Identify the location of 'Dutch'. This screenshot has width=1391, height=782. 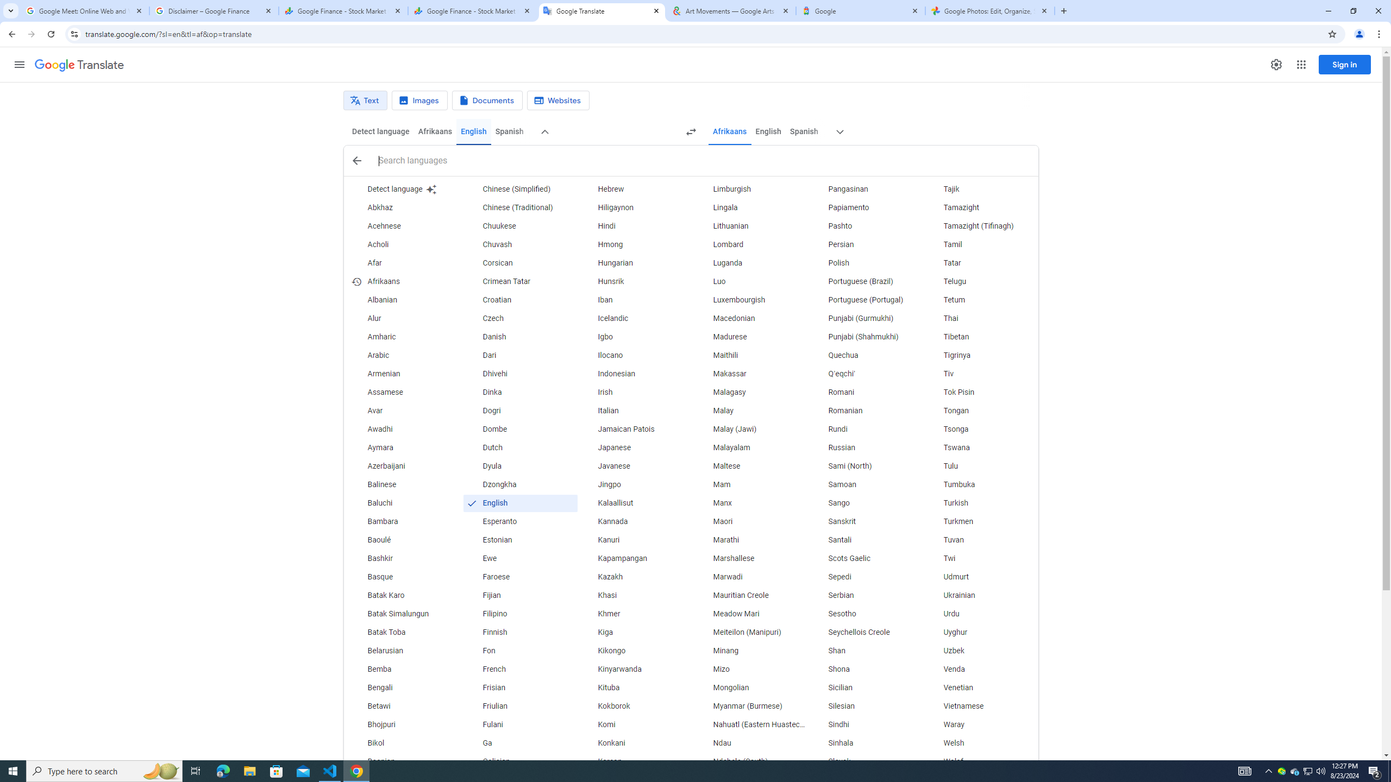
(520, 447).